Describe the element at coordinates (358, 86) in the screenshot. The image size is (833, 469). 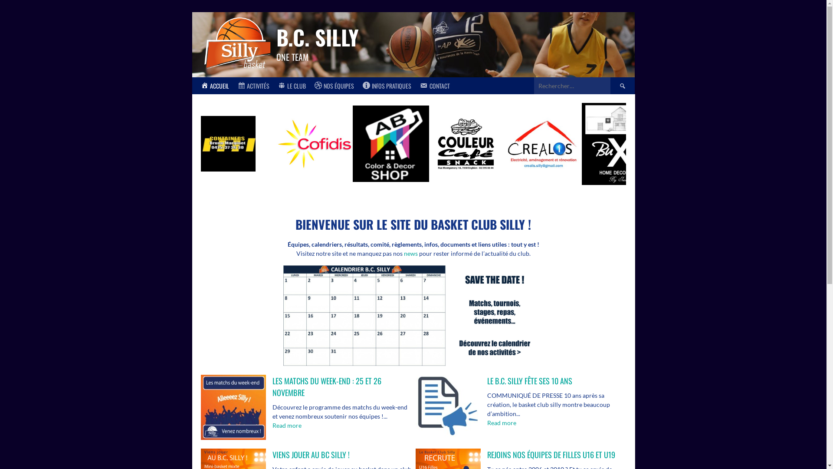
I see `'INFOS PRATIQUES'` at that location.